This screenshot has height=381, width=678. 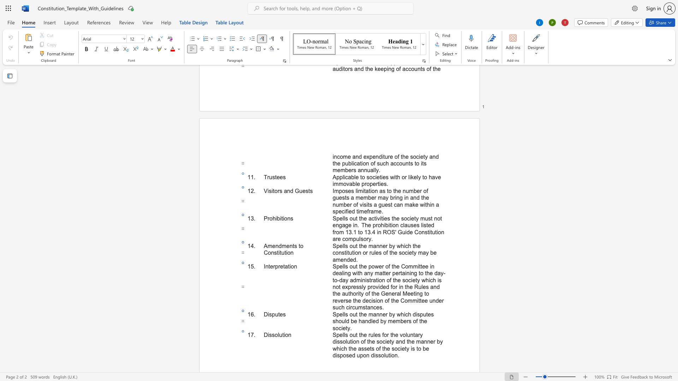 What do you see at coordinates (278, 334) in the screenshot?
I see `the 1th character "l" in the text` at bounding box center [278, 334].